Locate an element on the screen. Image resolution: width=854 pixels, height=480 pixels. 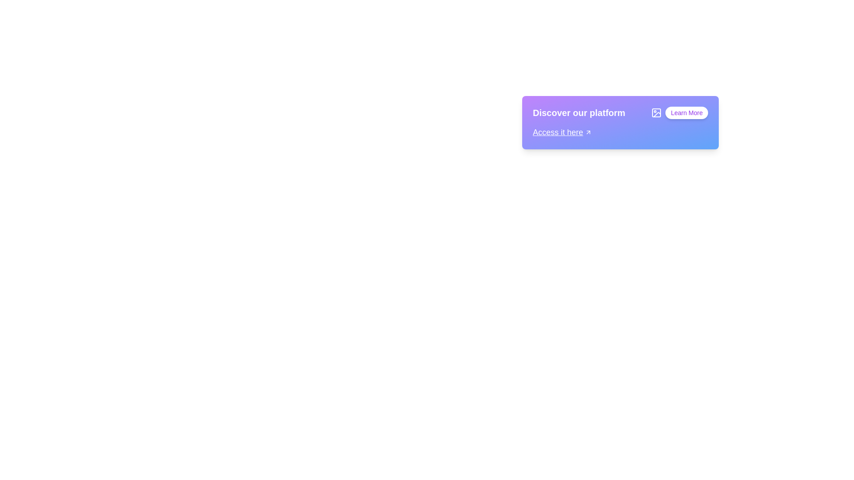
the upward diagonal arrow icon located to the right of the text 'Access it here' in the hyperlink is located at coordinates (588, 132).